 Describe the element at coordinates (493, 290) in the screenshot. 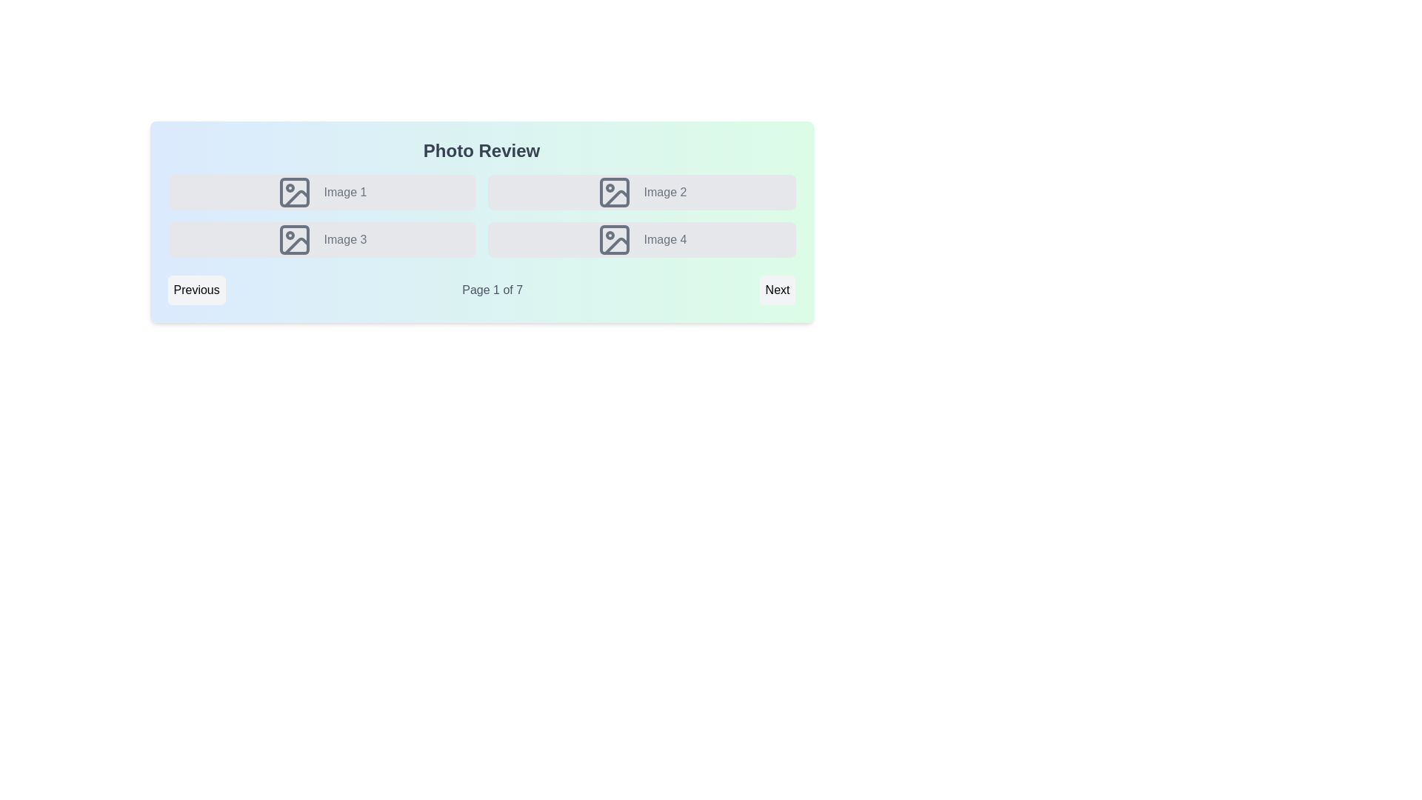

I see `the static text label displaying the current page and total number of pages, formatted as 'Page 1 of 7', which is centrally positioned between the 'Previous' and 'Next' buttons` at that location.